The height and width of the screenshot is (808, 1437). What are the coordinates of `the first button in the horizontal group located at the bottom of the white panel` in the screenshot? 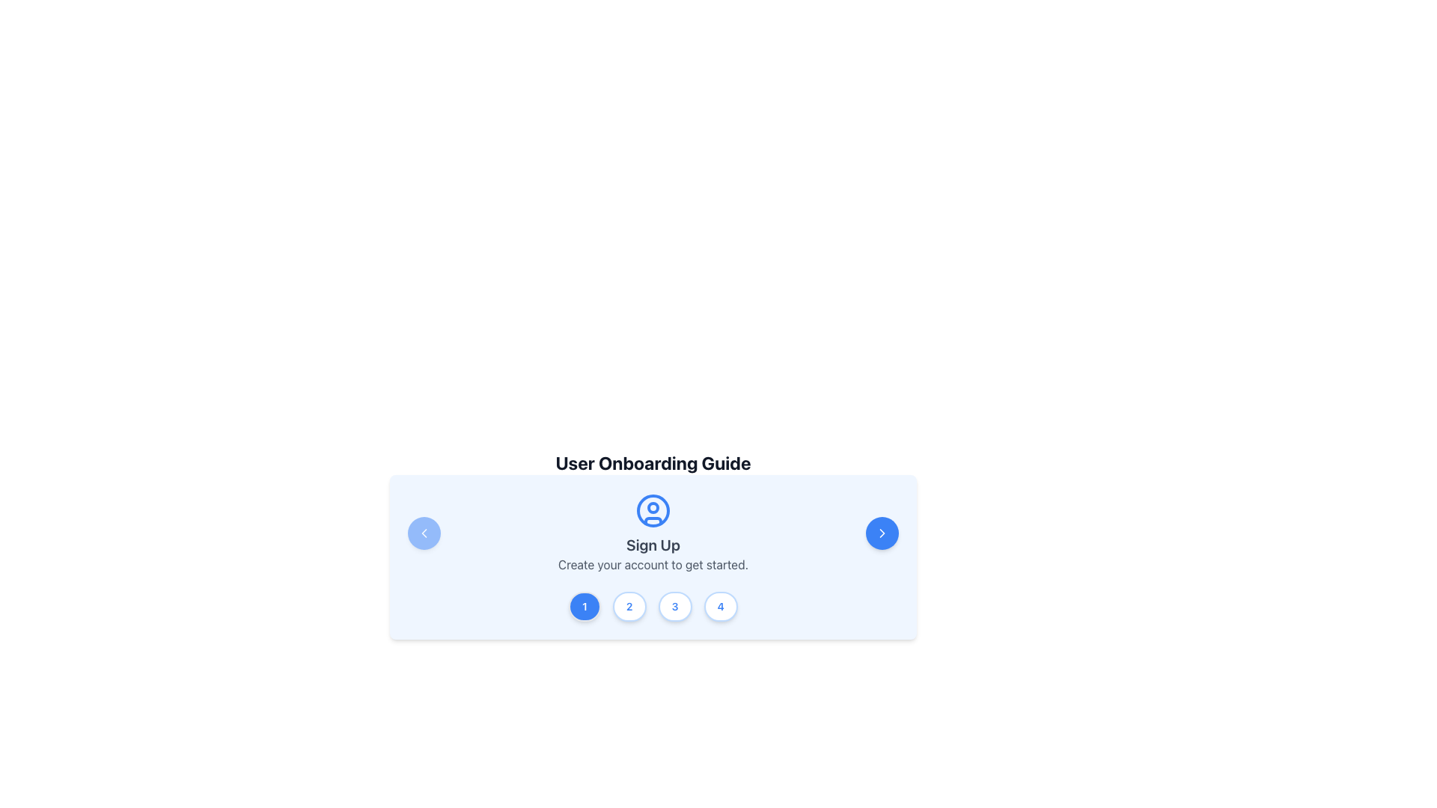 It's located at (584, 606).